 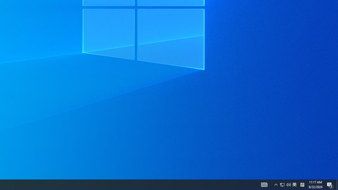 What do you see at coordinates (330, 184) in the screenshot?
I see `'Action Center, 2 new notifications'` at bounding box center [330, 184].